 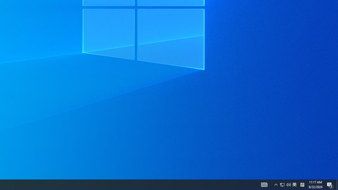 What do you see at coordinates (330, 184) in the screenshot?
I see `'Action Center, 2 new notifications'` at bounding box center [330, 184].